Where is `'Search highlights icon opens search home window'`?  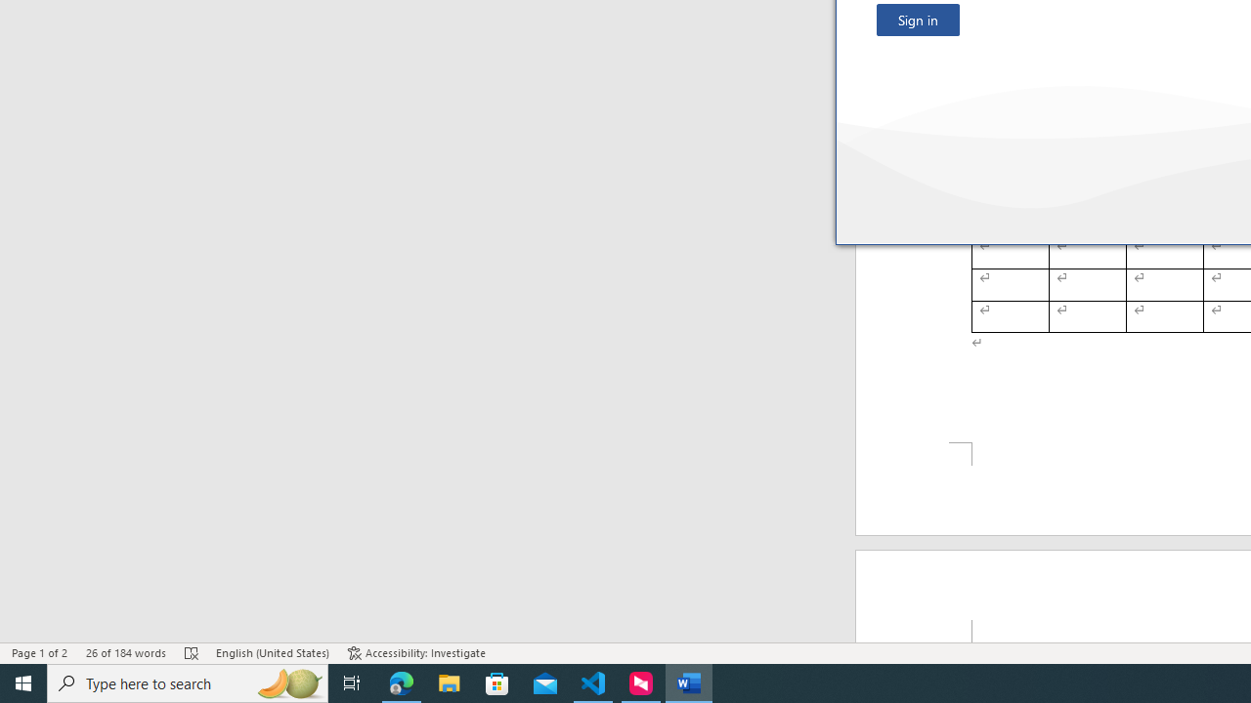
'Search highlights icon opens search home window' is located at coordinates (287, 682).